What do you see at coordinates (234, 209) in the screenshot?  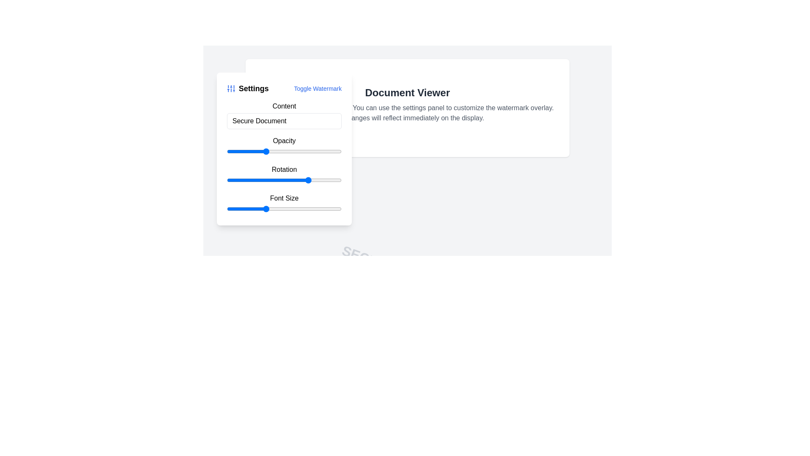 I see `the font size` at bounding box center [234, 209].